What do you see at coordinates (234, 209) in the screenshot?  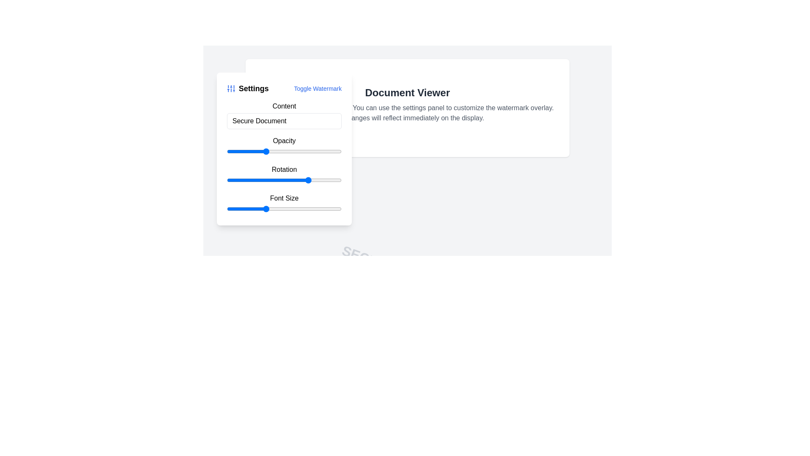 I see `the font size` at bounding box center [234, 209].